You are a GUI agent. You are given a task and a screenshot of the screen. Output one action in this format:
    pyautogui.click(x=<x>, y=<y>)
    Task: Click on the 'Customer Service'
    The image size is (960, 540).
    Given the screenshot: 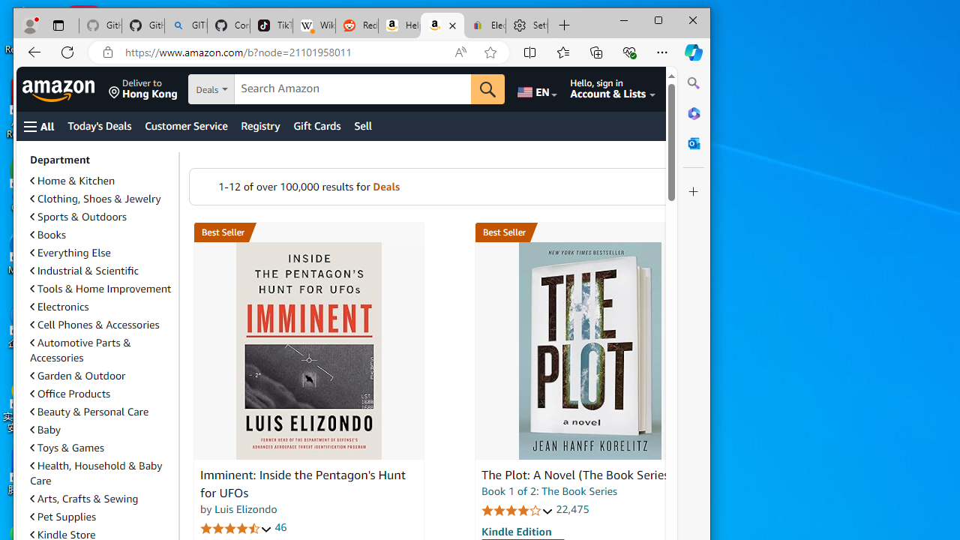 What is the action you would take?
    pyautogui.click(x=185, y=125)
    